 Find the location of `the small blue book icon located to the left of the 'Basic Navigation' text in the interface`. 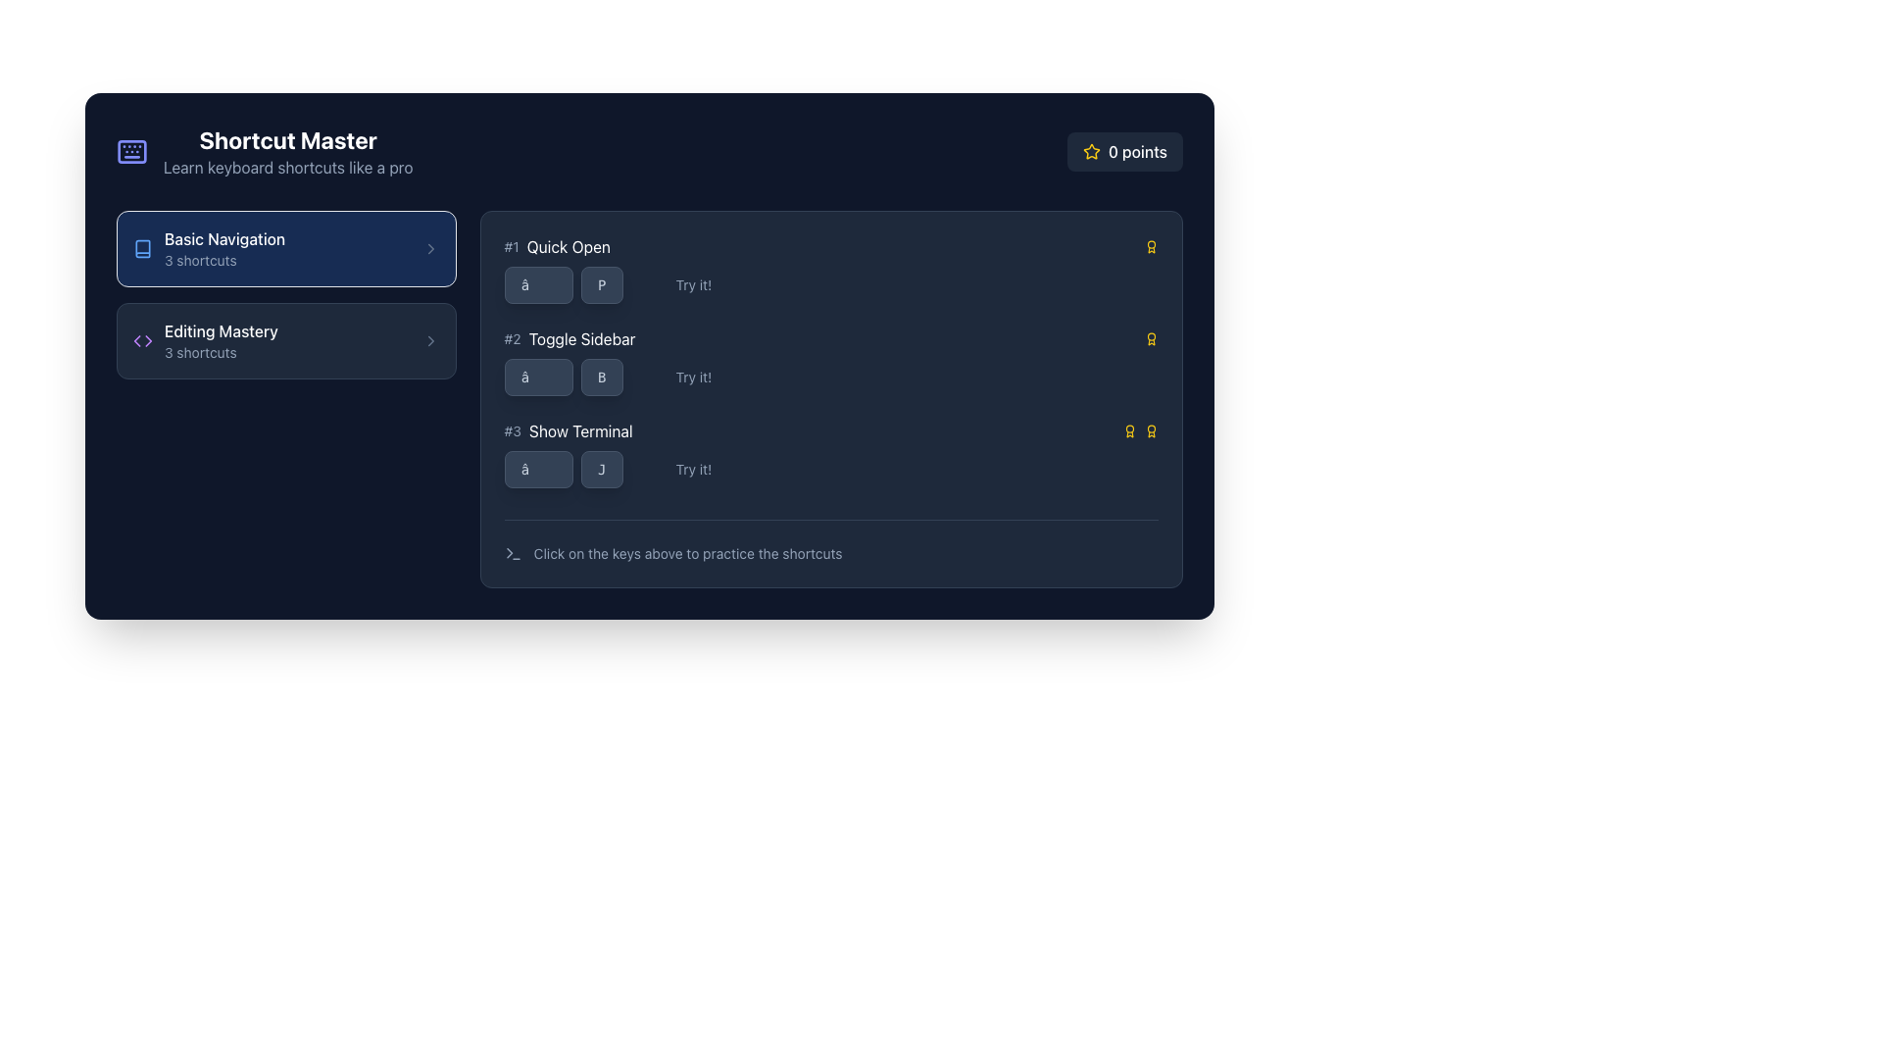

the small blue book icon located to the left of the 'Basic Navigation' text in the interface is located at coordinates (141, 248).